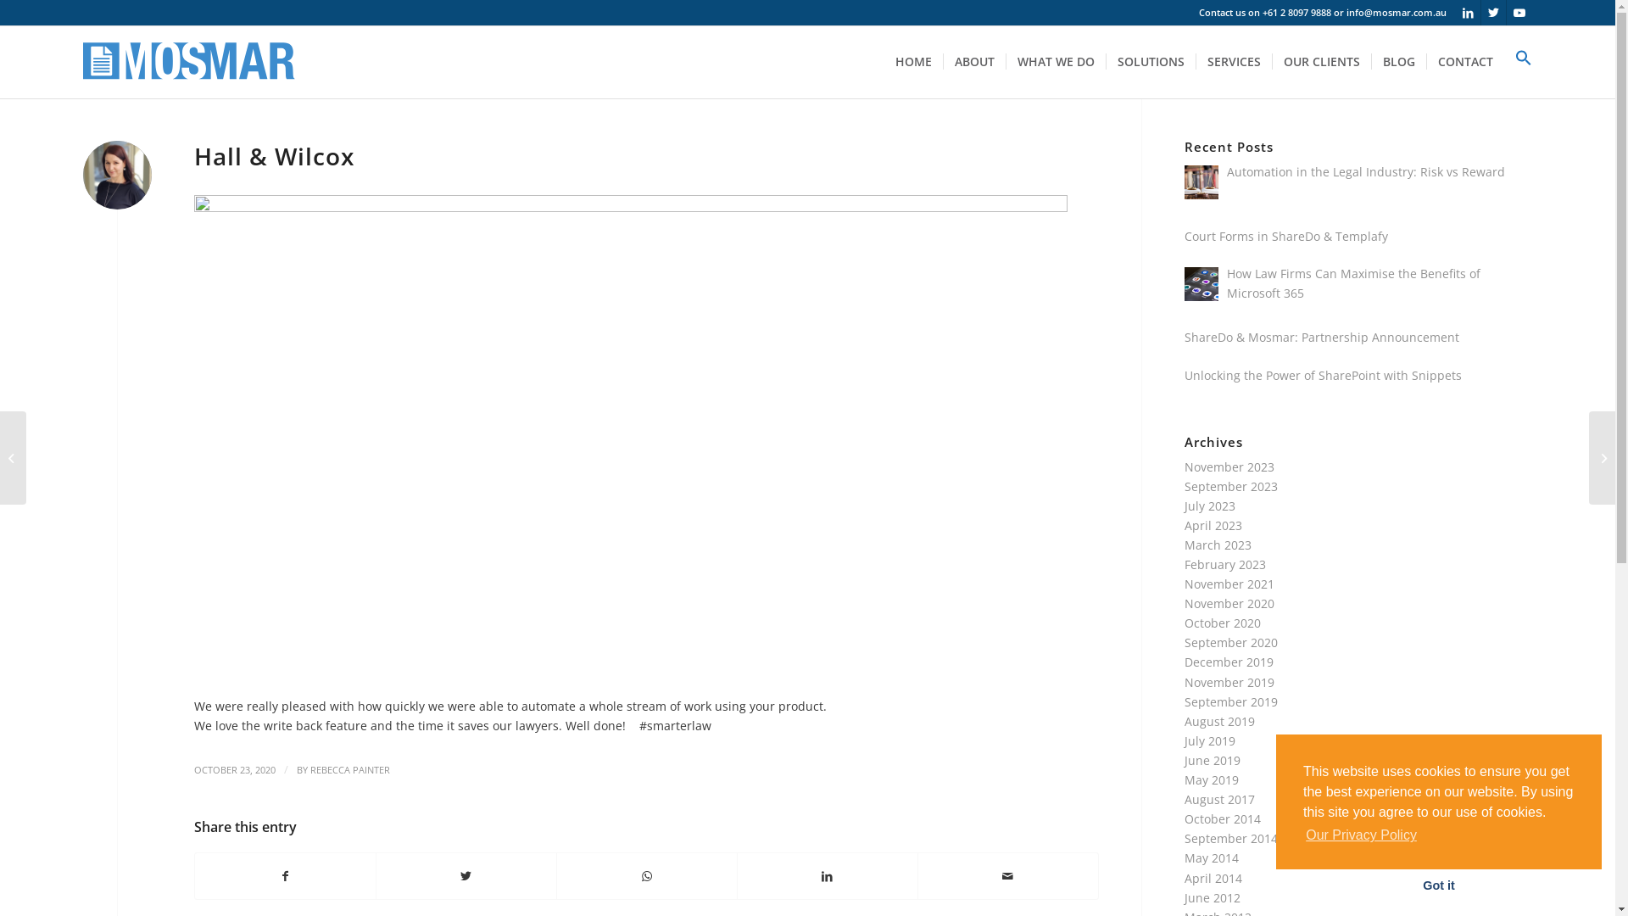 The width and height of the screenshot is (1628, 916). Describe the element at coordinates (1183, 896) in the screenshot. I see `'June 2012'` at that location.